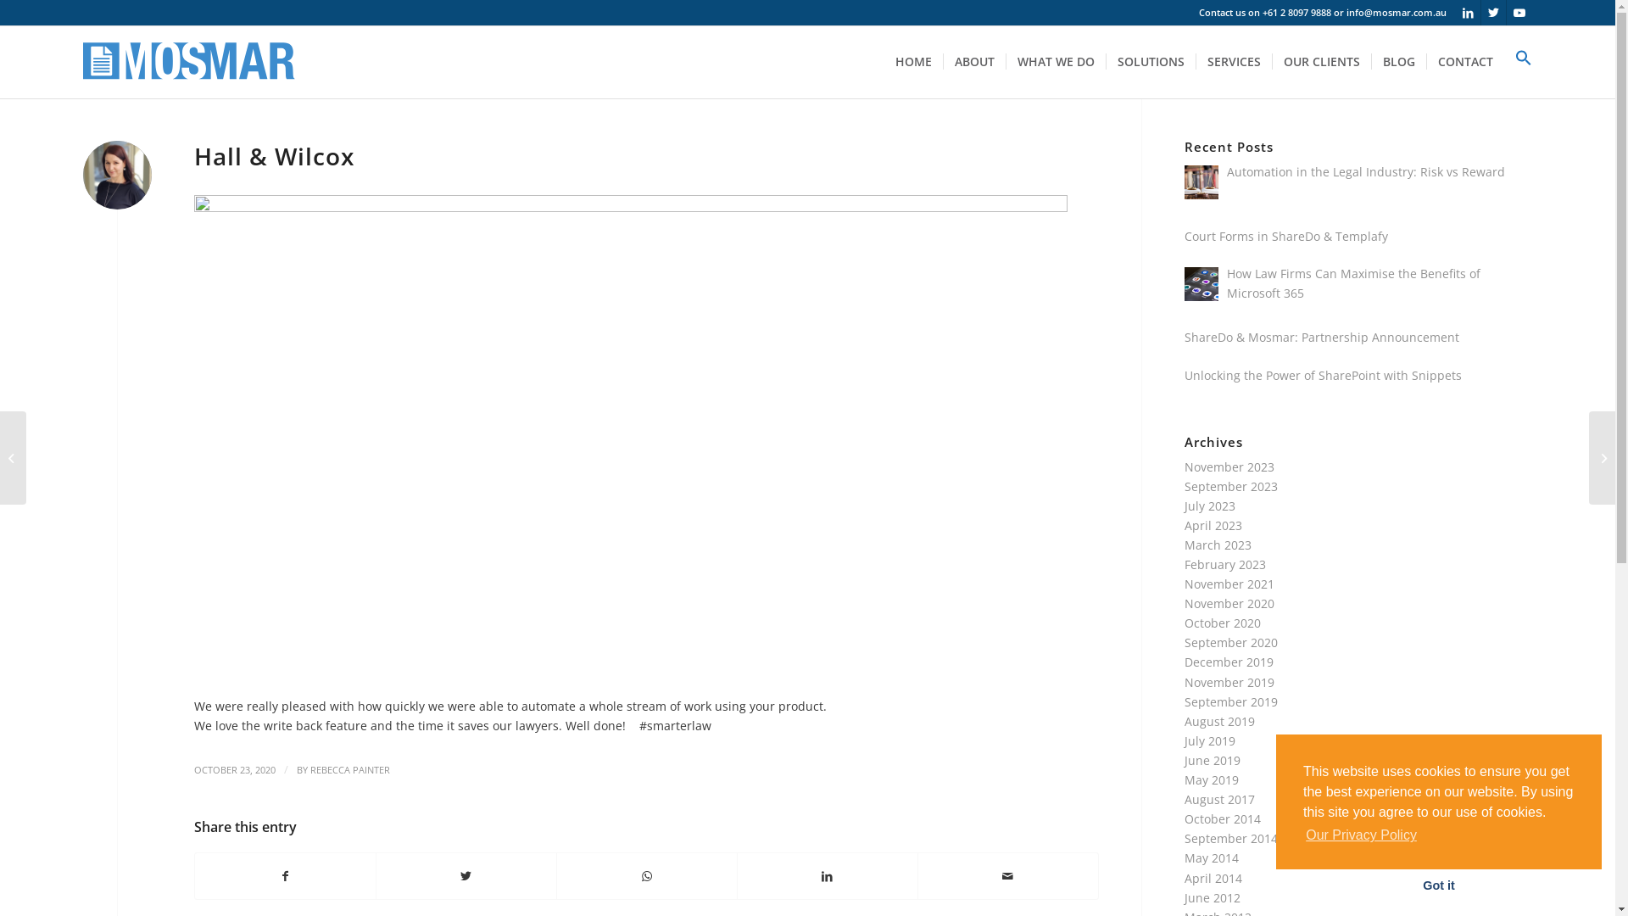 The width and height of the screenshot is (1628, 916). Describe the element at coordinates (1183, 896) in the screenshot. I see `'June 2012'` at that location.